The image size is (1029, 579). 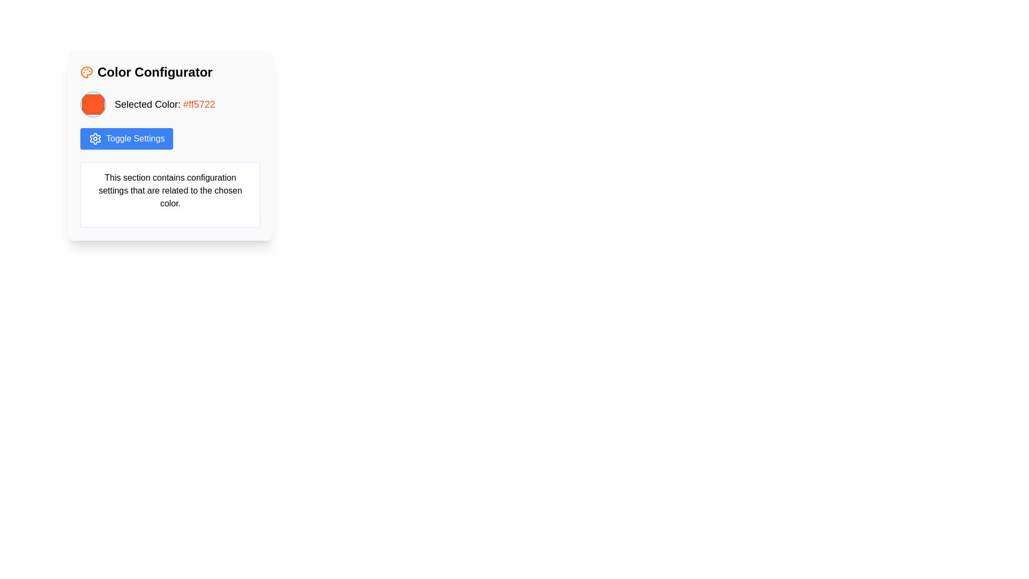 I want to click on the rectangular text box with rounded corners that contains configuration settings related to color, located below the 'Toggle Settings' button in the 'Color Configurator' card, so click(x=169, y=195).